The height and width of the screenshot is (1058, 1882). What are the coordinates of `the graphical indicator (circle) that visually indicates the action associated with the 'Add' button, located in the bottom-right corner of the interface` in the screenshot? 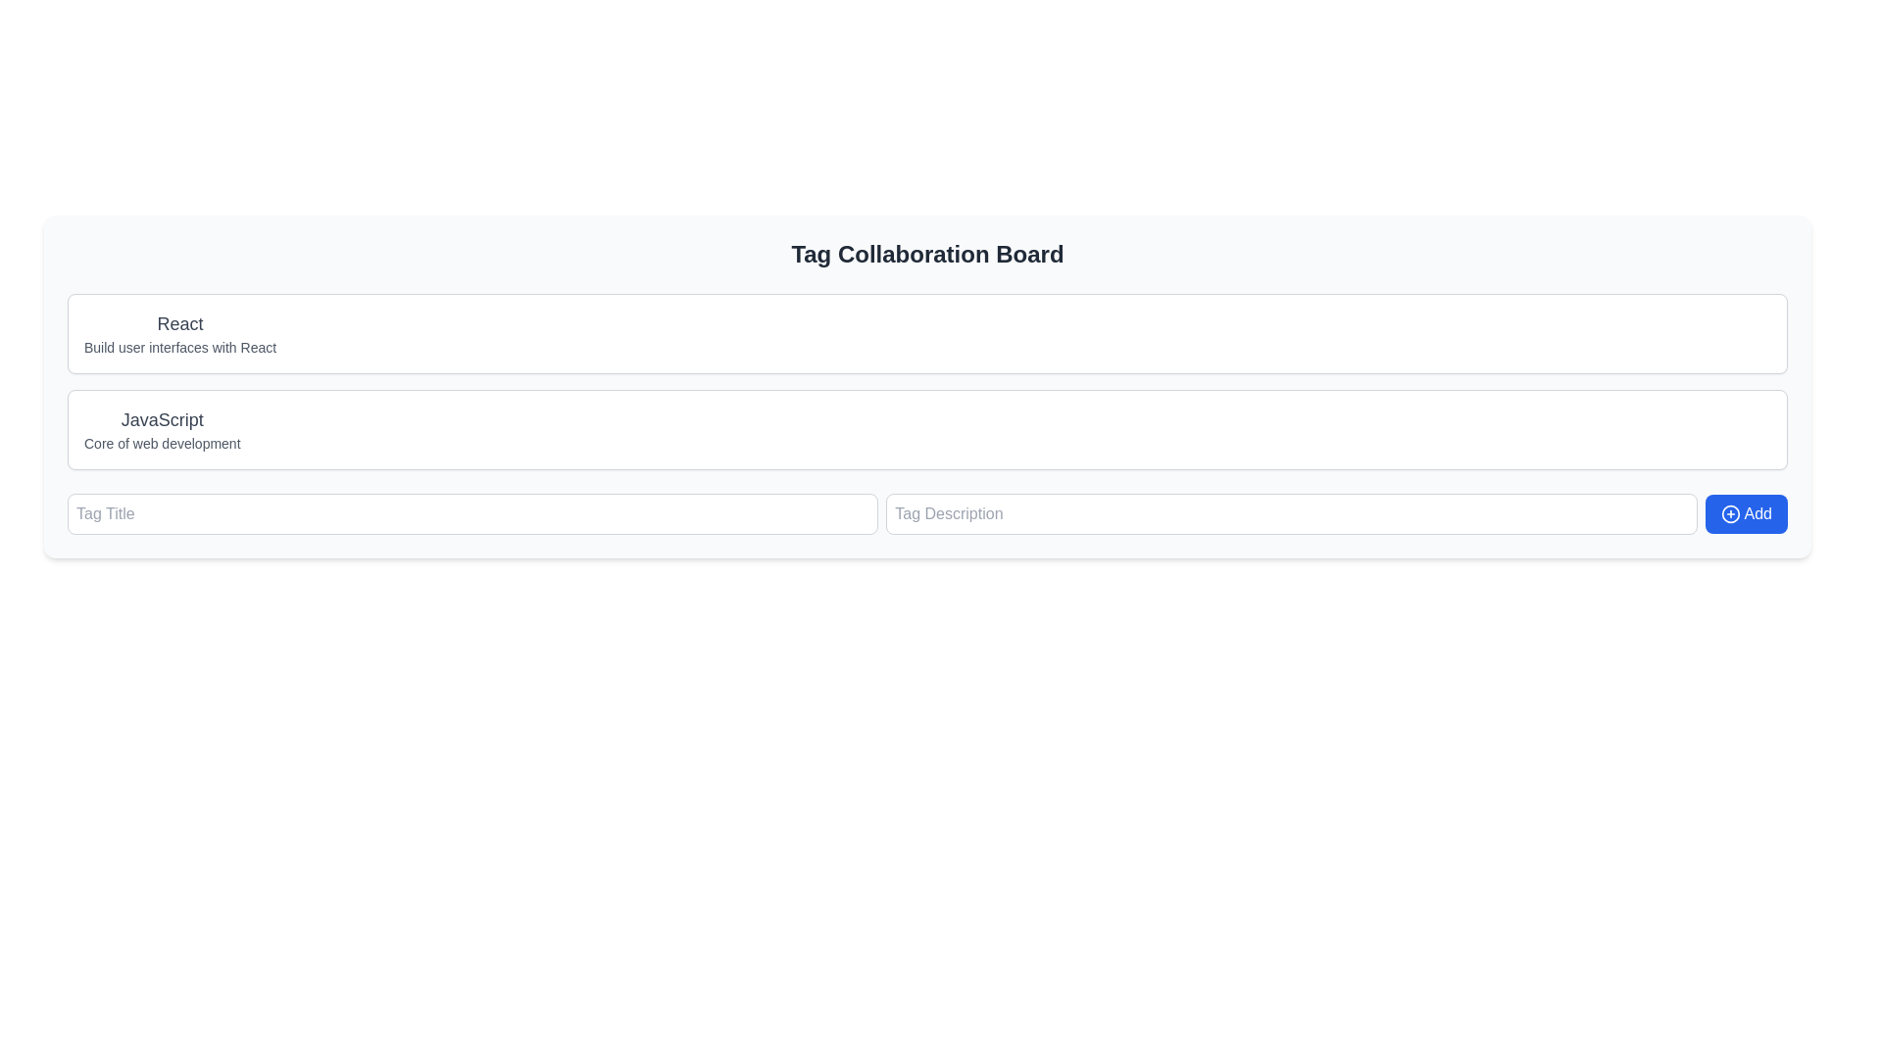 It's located at (1730, 512).